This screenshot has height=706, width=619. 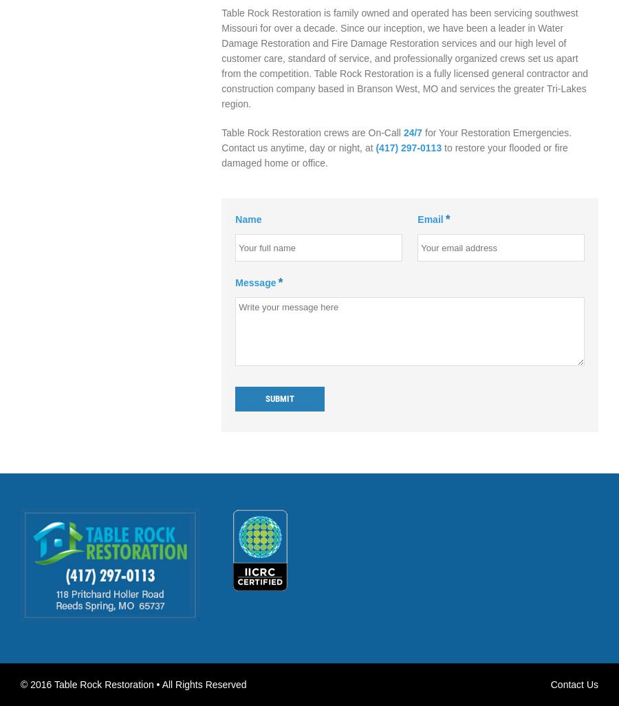 I want to click on '© 2016 Table Rock Restoration • All Rights Reserved', so click(x=19, y=683).